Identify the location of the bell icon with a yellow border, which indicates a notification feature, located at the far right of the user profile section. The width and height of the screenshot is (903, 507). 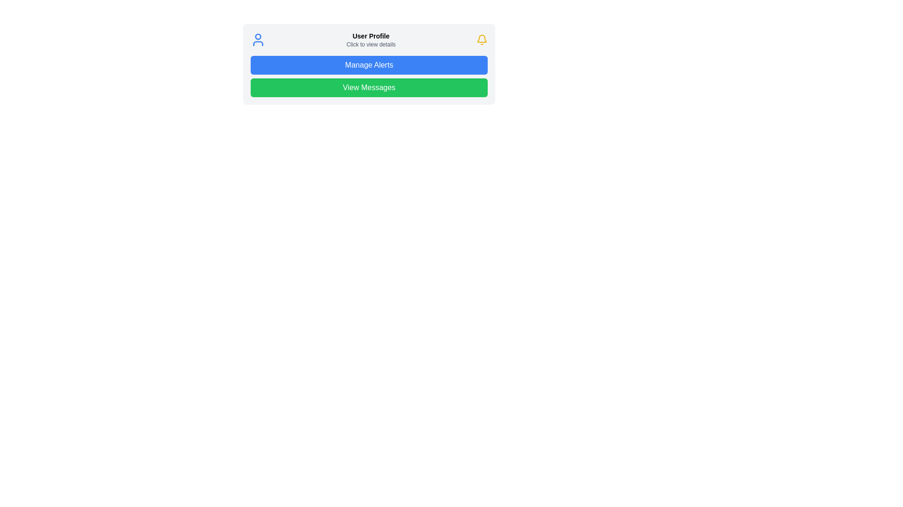
(482, 39).